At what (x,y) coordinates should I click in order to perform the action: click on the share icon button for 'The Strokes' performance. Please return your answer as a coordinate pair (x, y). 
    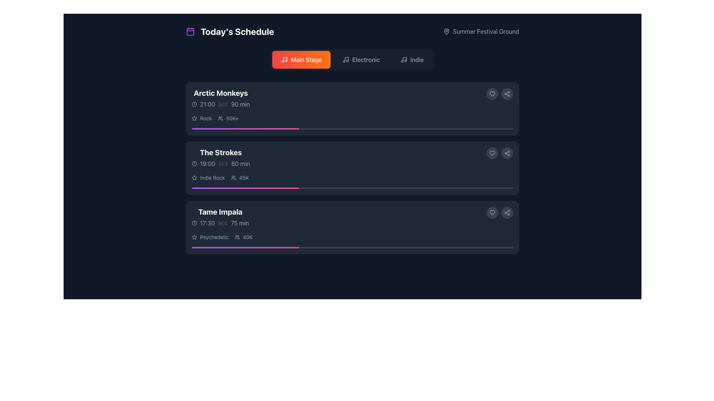
    Looking at the image, I should click on (506, 153).